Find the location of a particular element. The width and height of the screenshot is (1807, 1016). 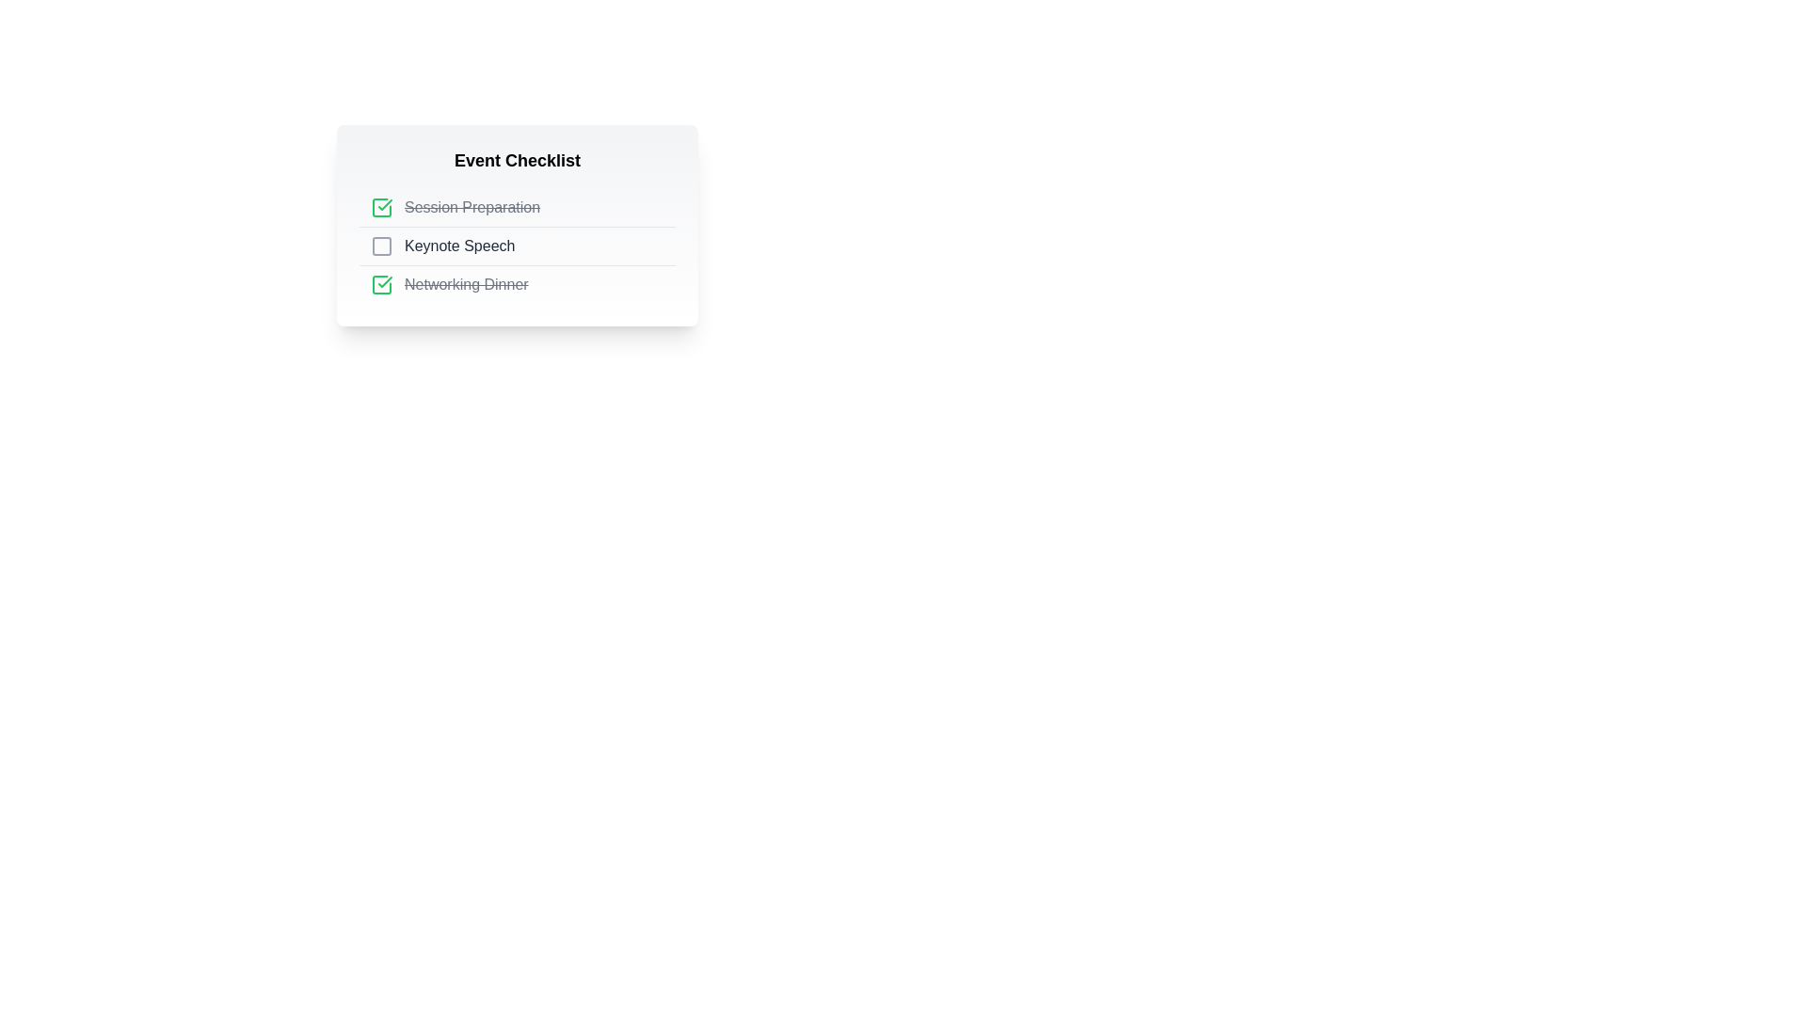

the checkbox next to the 'Keynote Speech' checklist item is located at coordinates (518, 246).